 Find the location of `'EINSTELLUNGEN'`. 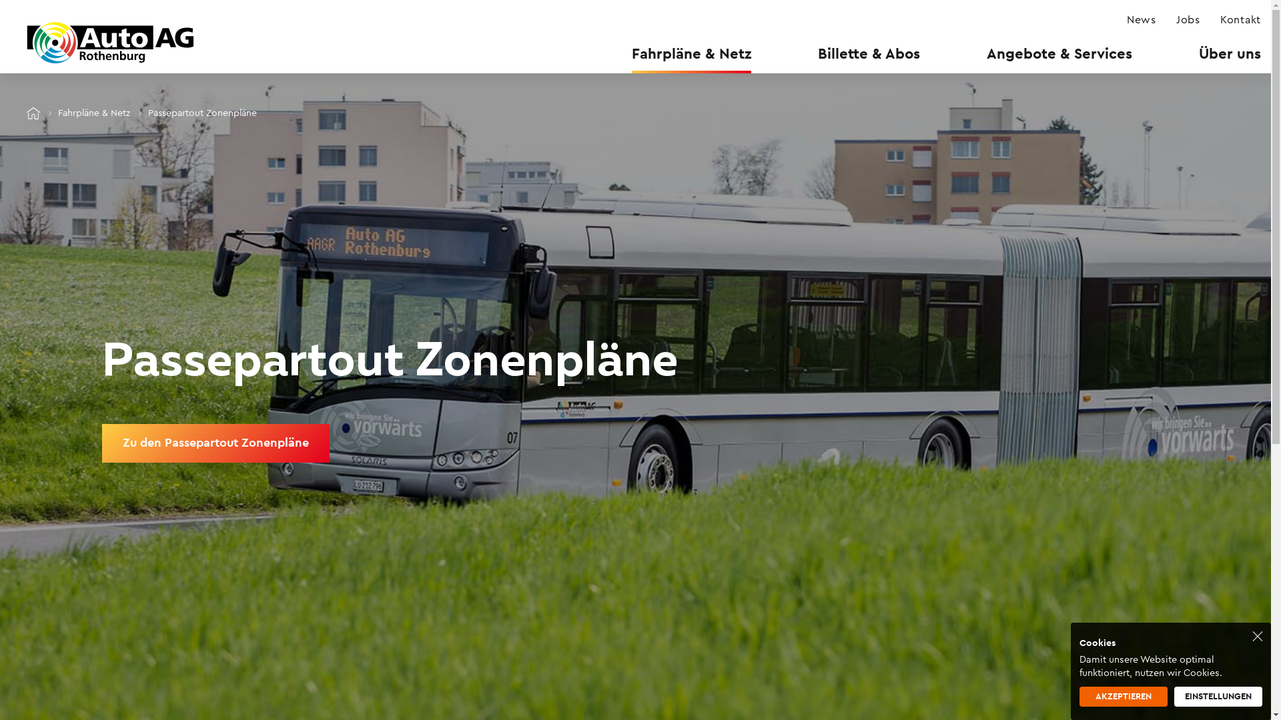

'EINSTELLUNGEN' is located at coordinates (1218, 696).